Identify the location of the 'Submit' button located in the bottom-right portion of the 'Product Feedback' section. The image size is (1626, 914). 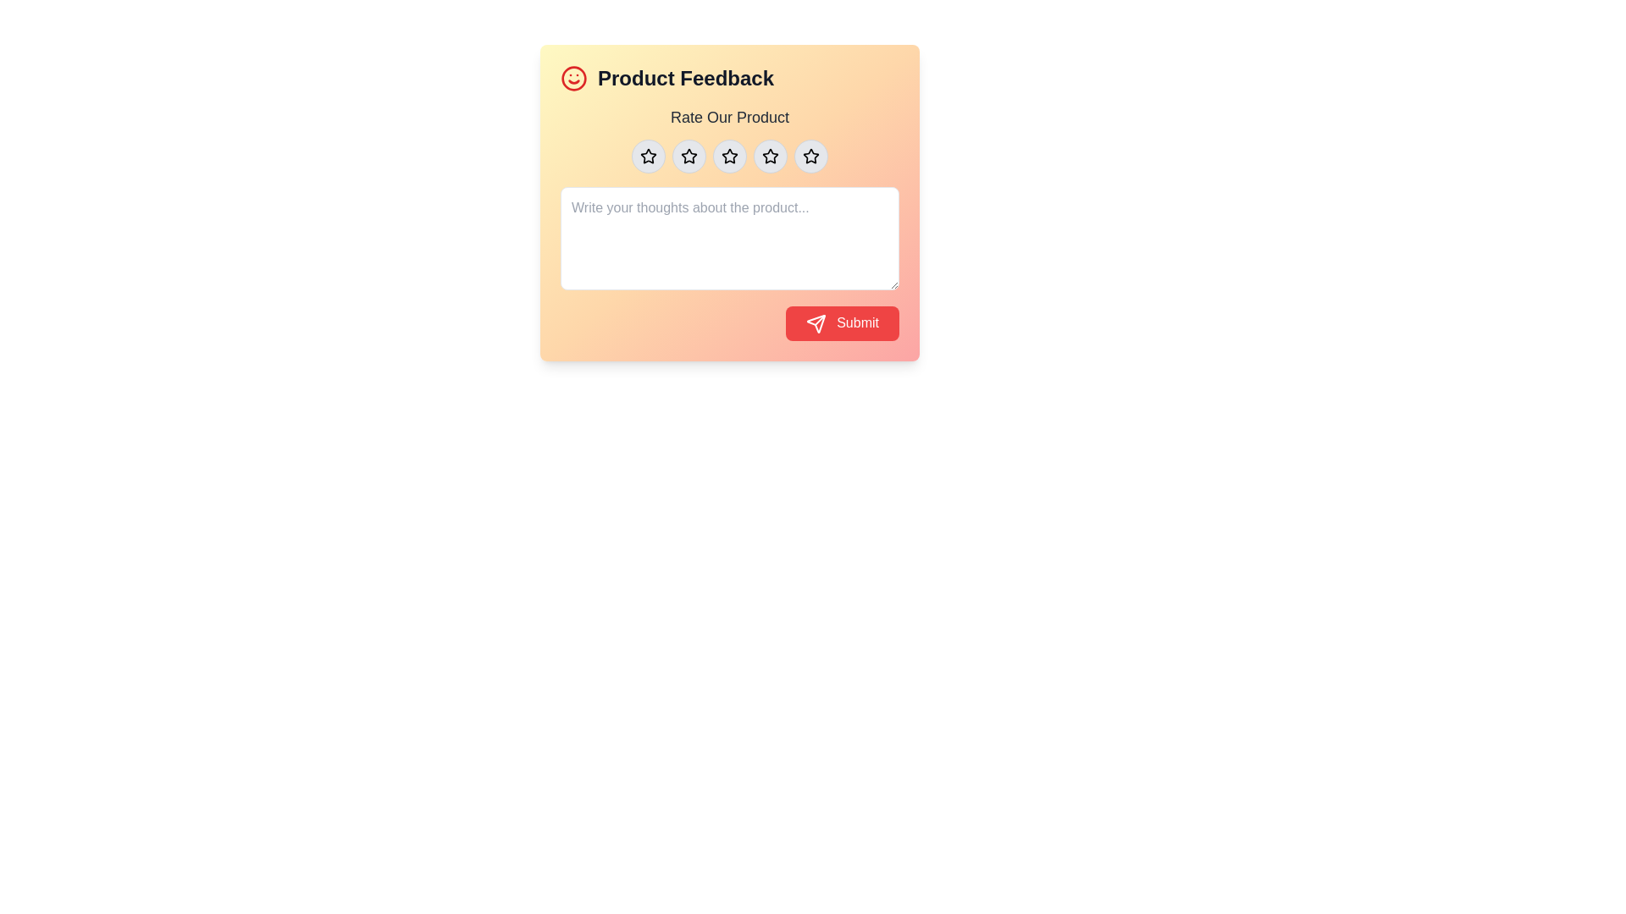
(842, 323).